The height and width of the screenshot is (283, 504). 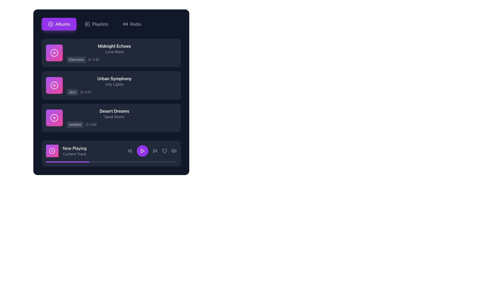 What do you see at coordinates (171, 85) in the screenshot?
I see `the play button for the 'Urban Symphony' track located in the Albums section of the music player interface` at bounding box center [171, 85].